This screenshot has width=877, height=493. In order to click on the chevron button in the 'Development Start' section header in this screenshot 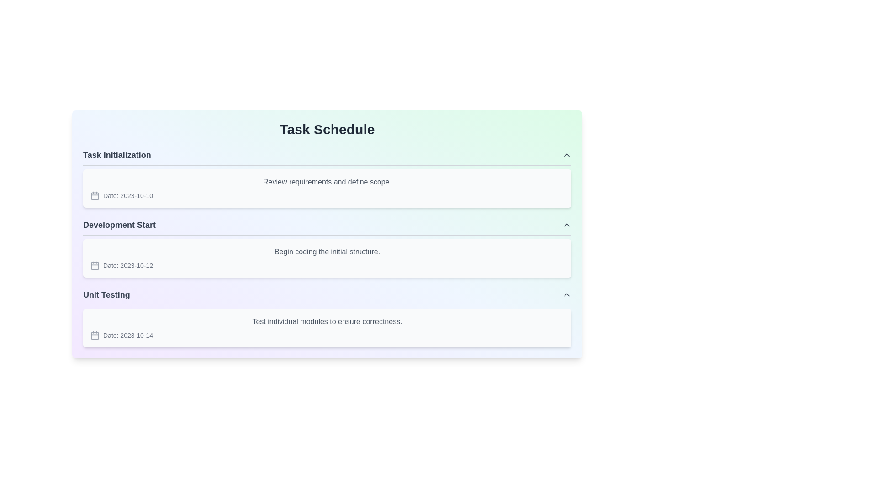, I will do `click(566, 225)`.